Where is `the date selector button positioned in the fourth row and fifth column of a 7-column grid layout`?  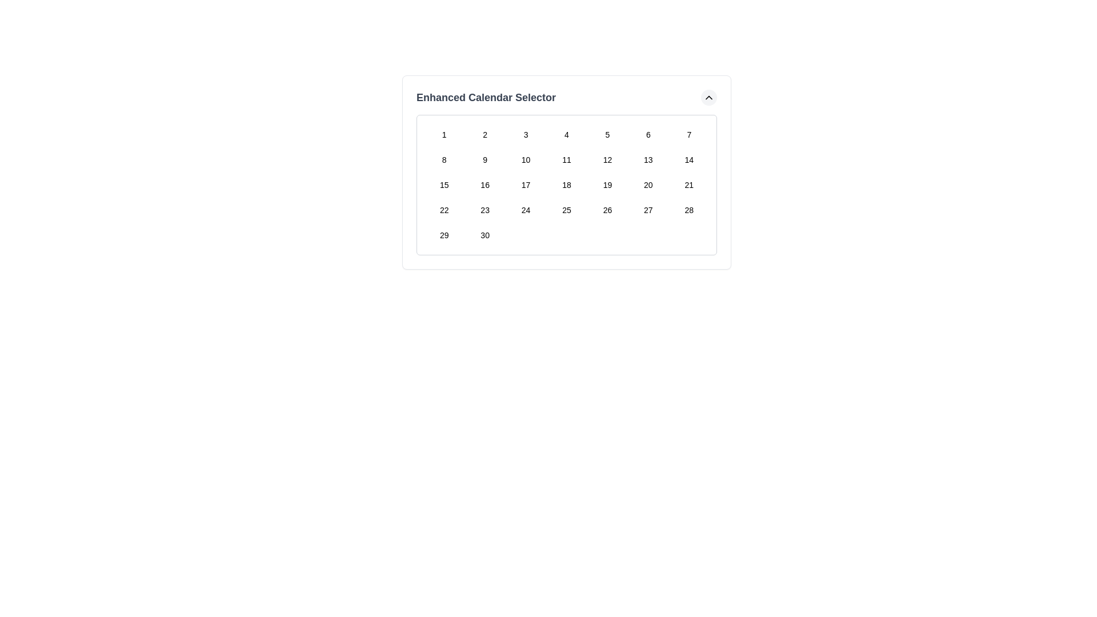
the date selector button positioned in the fourth row and fifth column of a 7-column grid layout is located at coordinates (607, 185).